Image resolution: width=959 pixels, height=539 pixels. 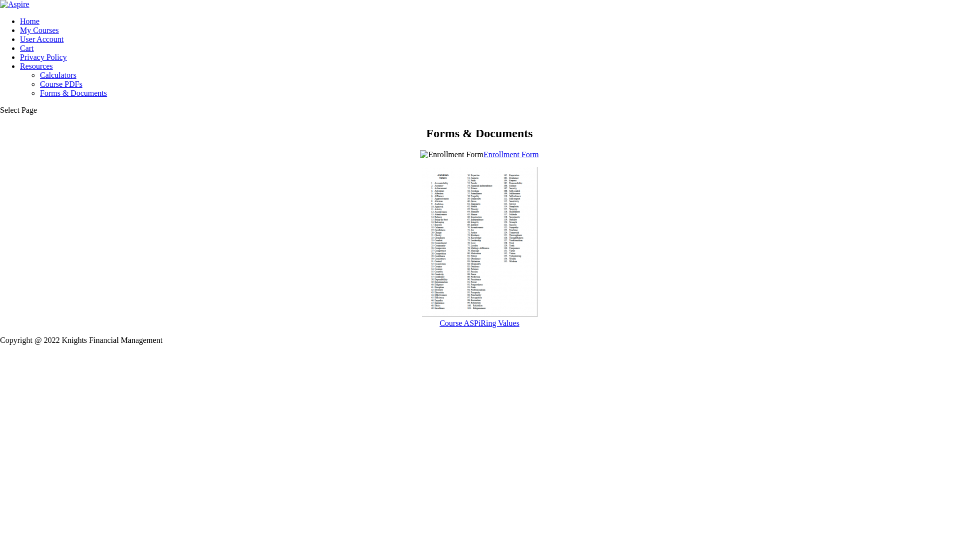 What do you see at coordinates (19, 66) in the screenshot?
I see `'Resources'` at bounding box center [19, 66].